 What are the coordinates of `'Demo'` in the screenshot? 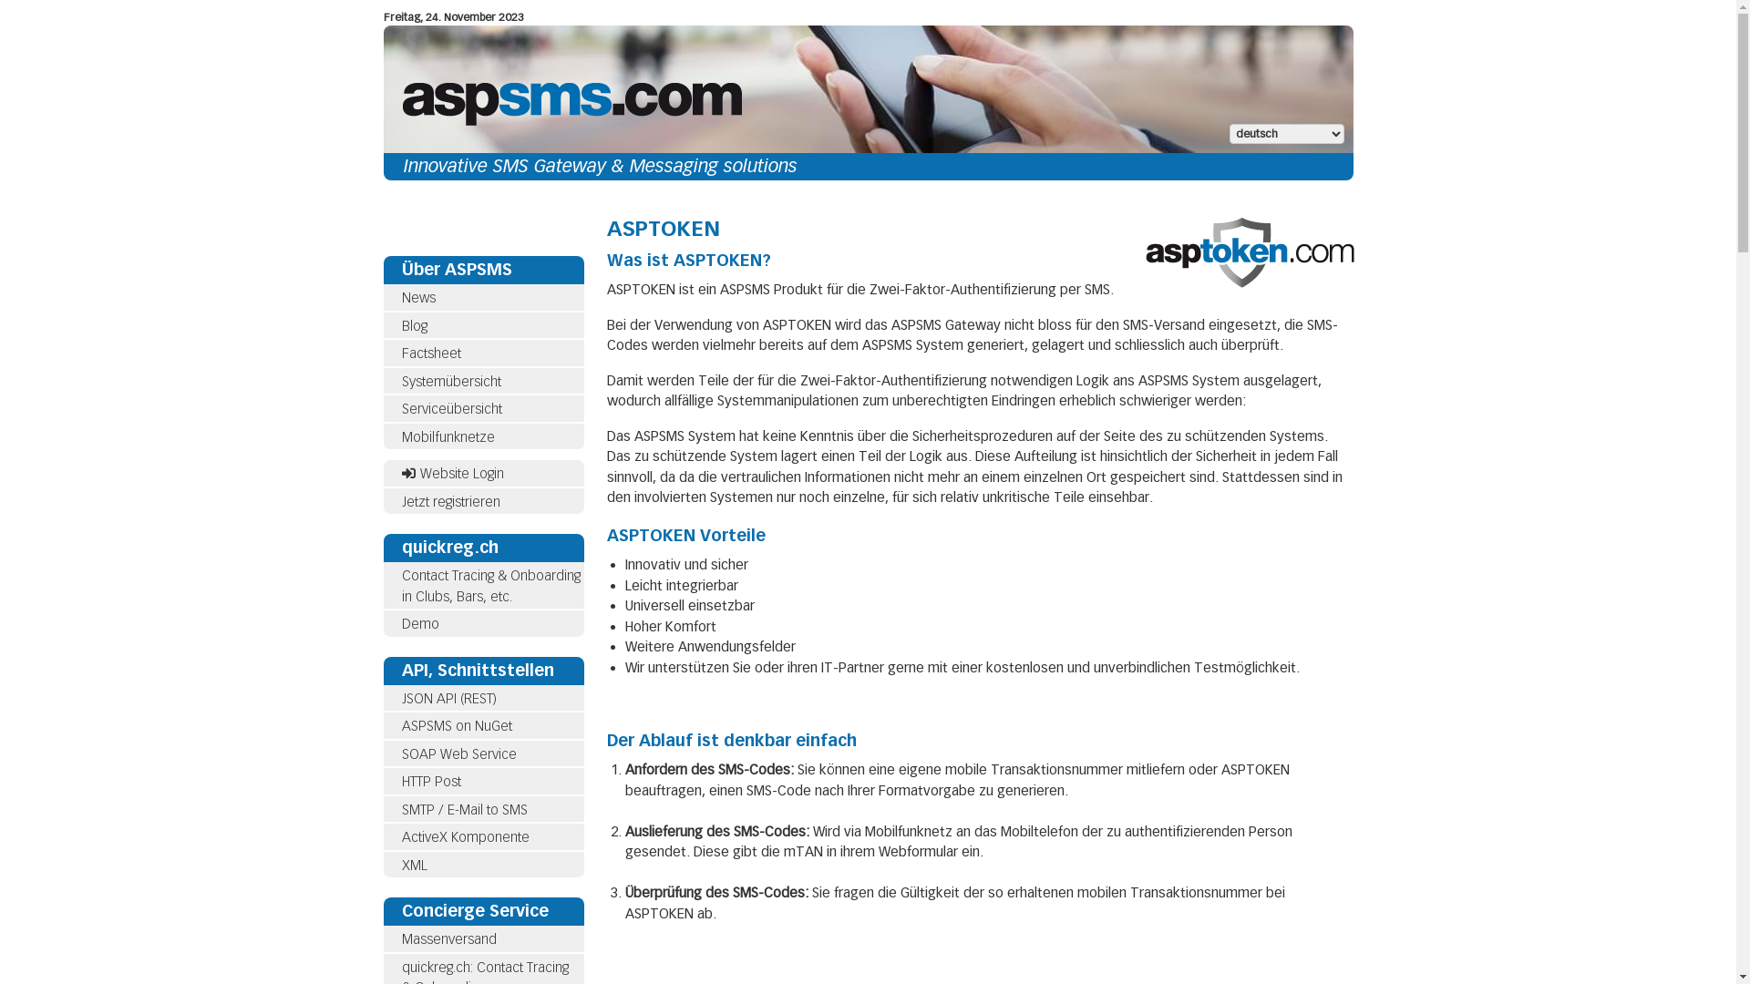 It's located at (418, 623).